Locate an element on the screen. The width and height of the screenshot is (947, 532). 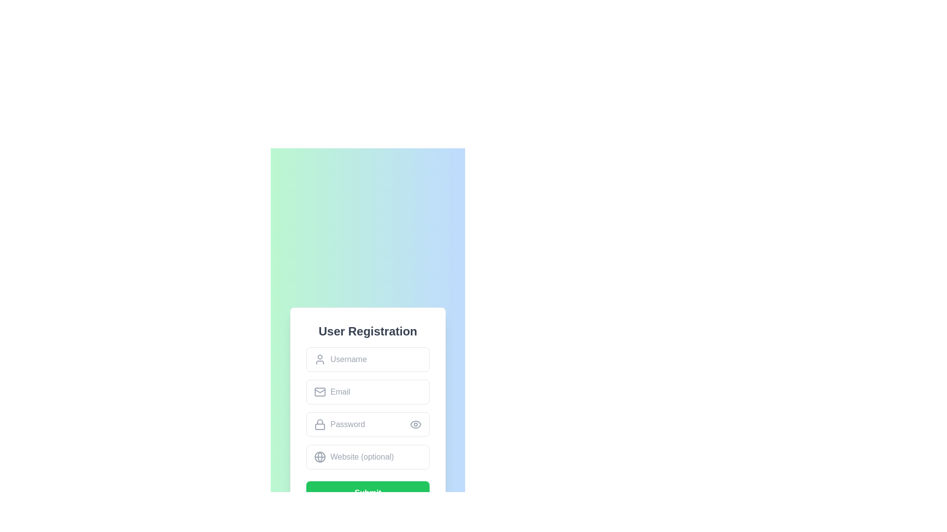
the globe icon located to the left of the 'Website (optional)' input field, which serves as a visual cue for web or internet context is located at coordinates (320, 457).